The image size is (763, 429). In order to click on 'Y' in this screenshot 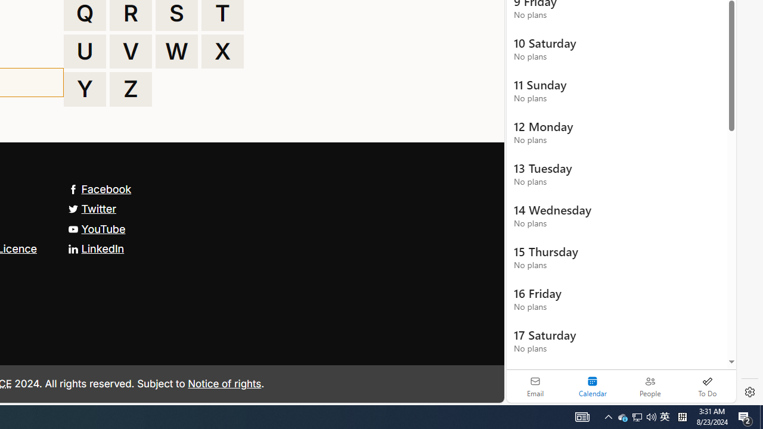, I will do `click(84, 89)`.